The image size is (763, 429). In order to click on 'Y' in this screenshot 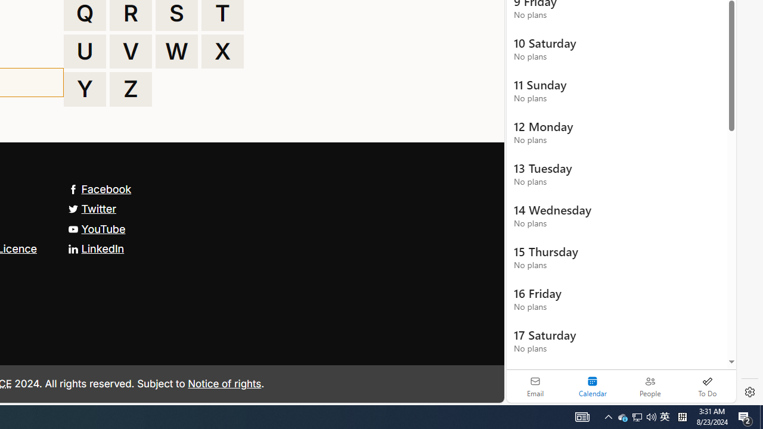, I will do `click(84, 89)`.